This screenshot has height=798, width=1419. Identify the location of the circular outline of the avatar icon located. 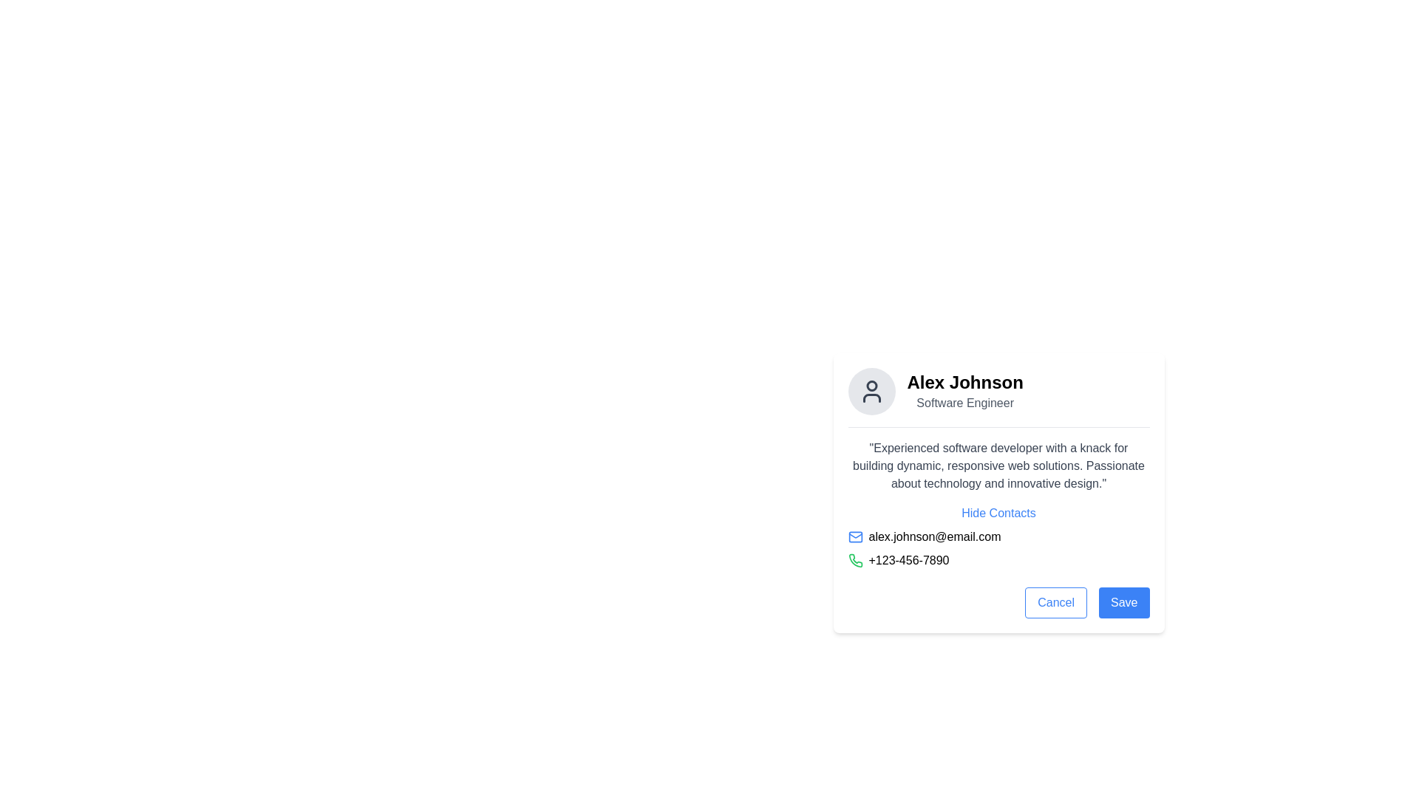
(871, 385).